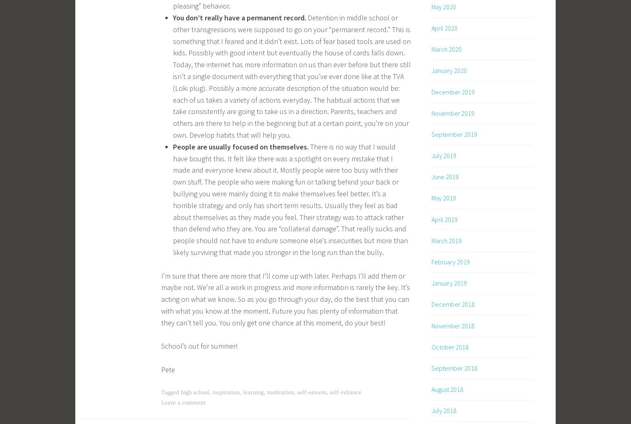 The image size is (631, 424). I want to click on 'Tagged', so click(171, 392).